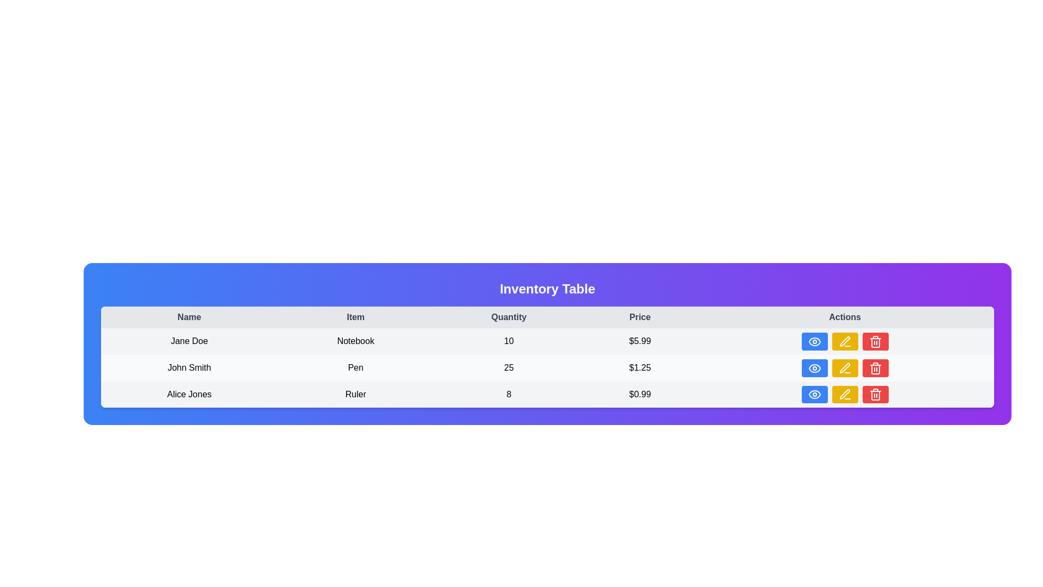  Describe the element at coordinates (814, 367) in the screenshot. I see `the outer boundary of the eye icon, which is part of an SVG graphic in the 'Actions' column for 'John Smith'` at that location.